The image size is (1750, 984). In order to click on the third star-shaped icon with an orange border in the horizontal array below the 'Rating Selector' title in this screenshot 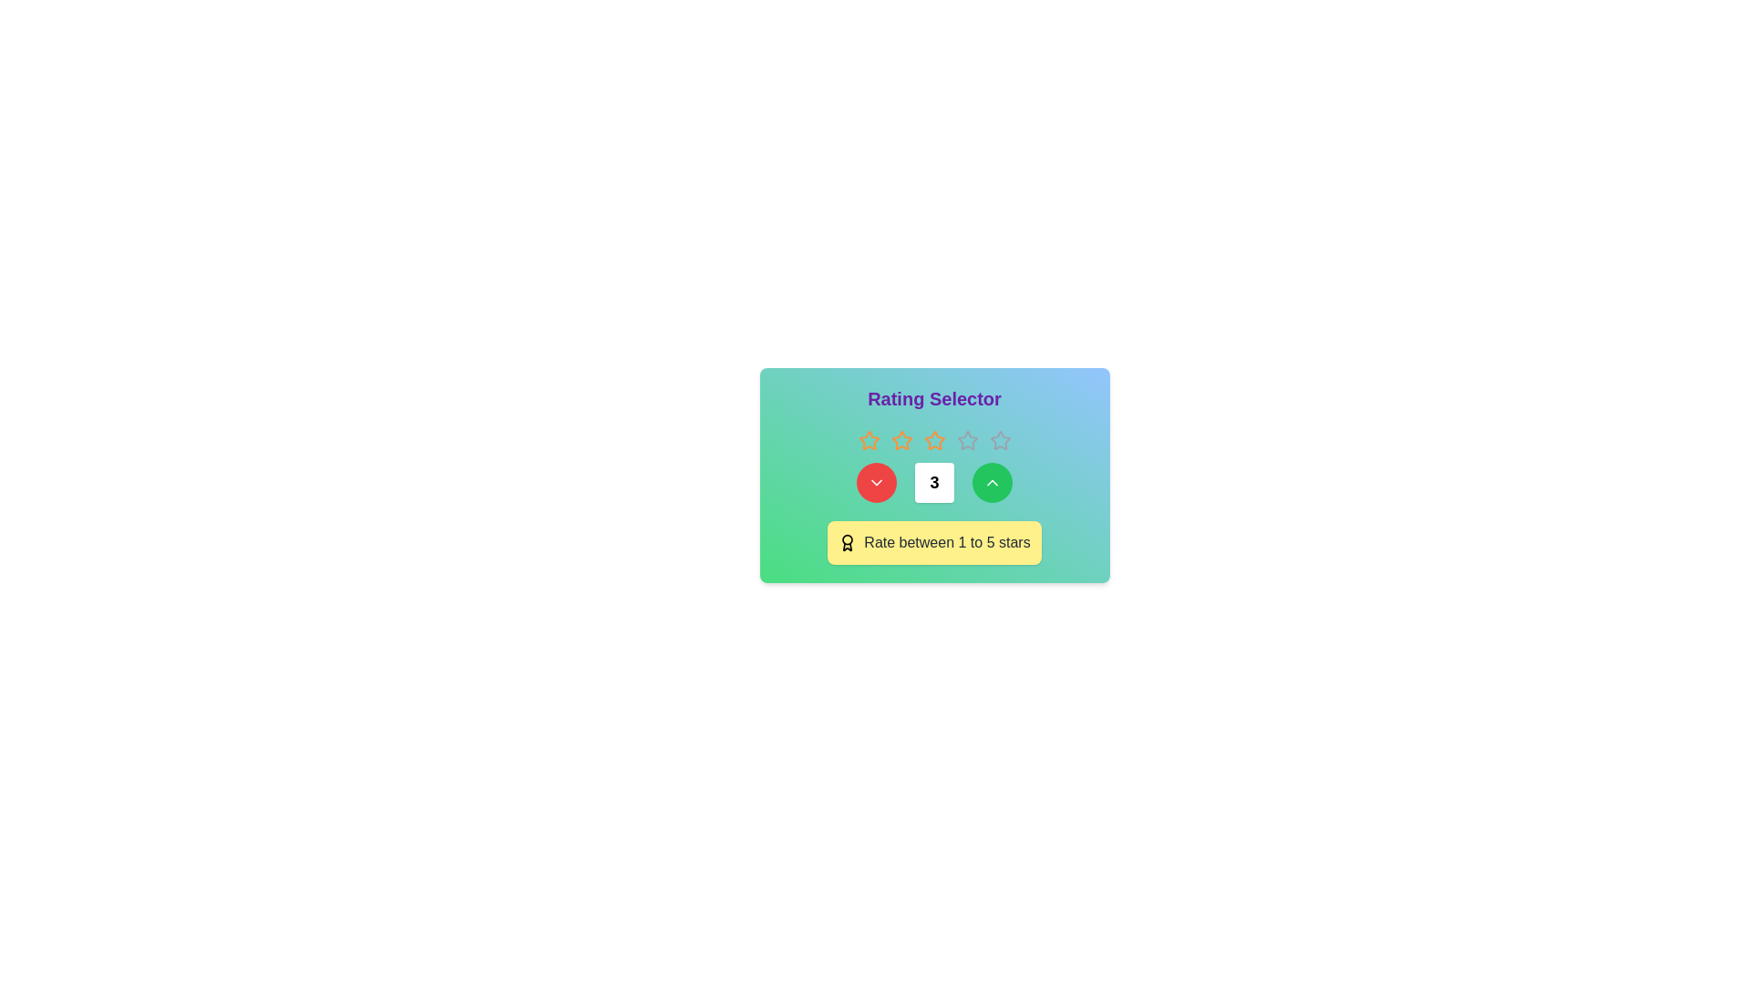, I will do `click(901, 440)`.